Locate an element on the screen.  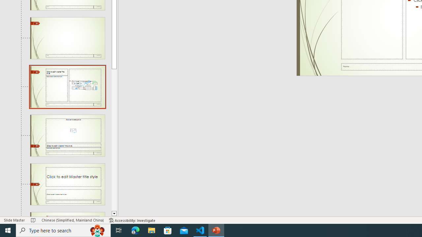
'Slide Title and Caption Layout: used by no slides' is located at coordinates (67, 184).